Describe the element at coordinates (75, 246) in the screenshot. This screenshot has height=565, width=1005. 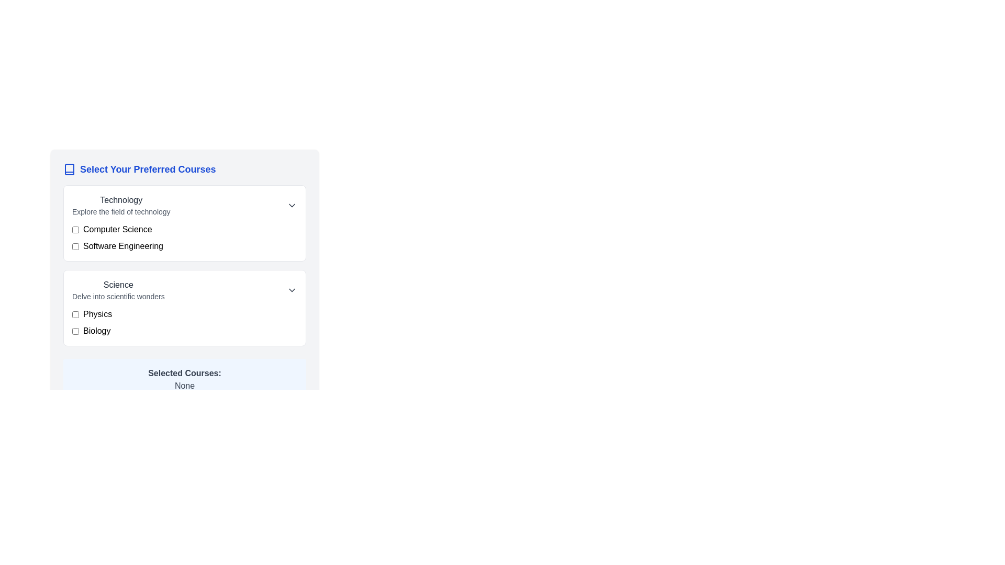
I see `the interactive checkbox next to the label 'Software Engineering'` at that location.